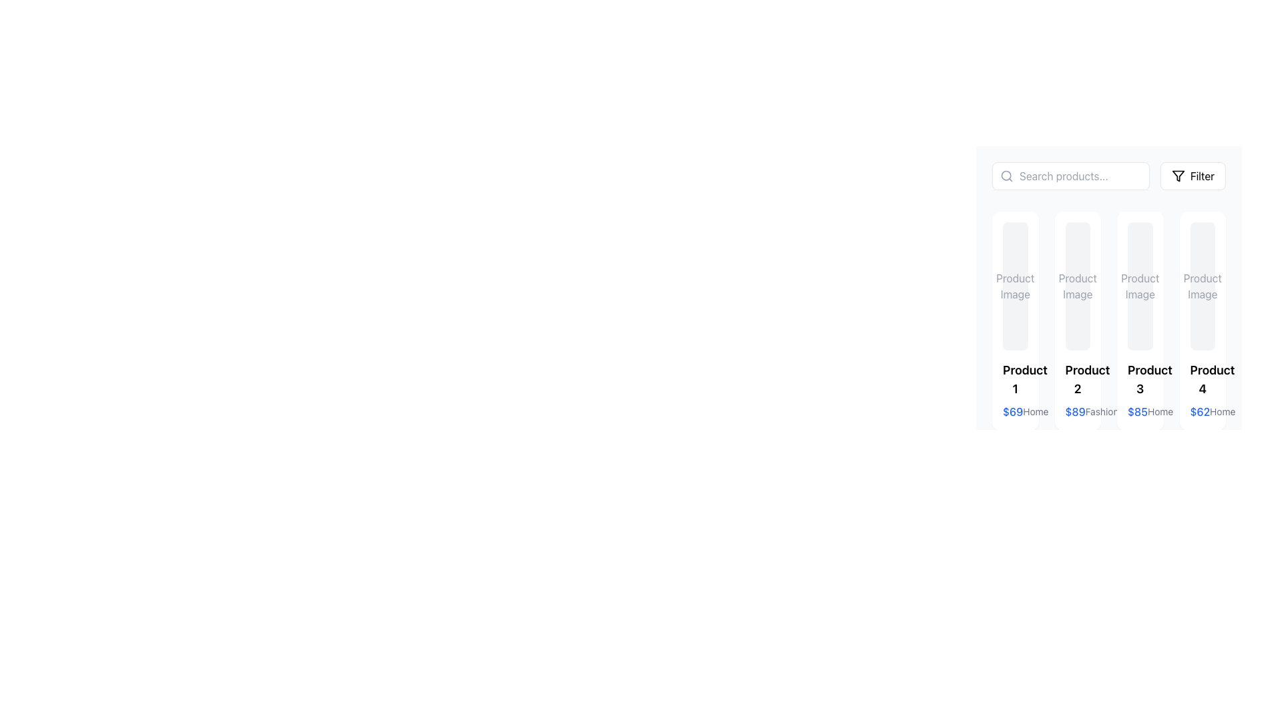  I want to click on the magnifying glass icon, which represents the search functionality, positioned to the left of the input field labeled 'Search products...', so click(1006, 175).